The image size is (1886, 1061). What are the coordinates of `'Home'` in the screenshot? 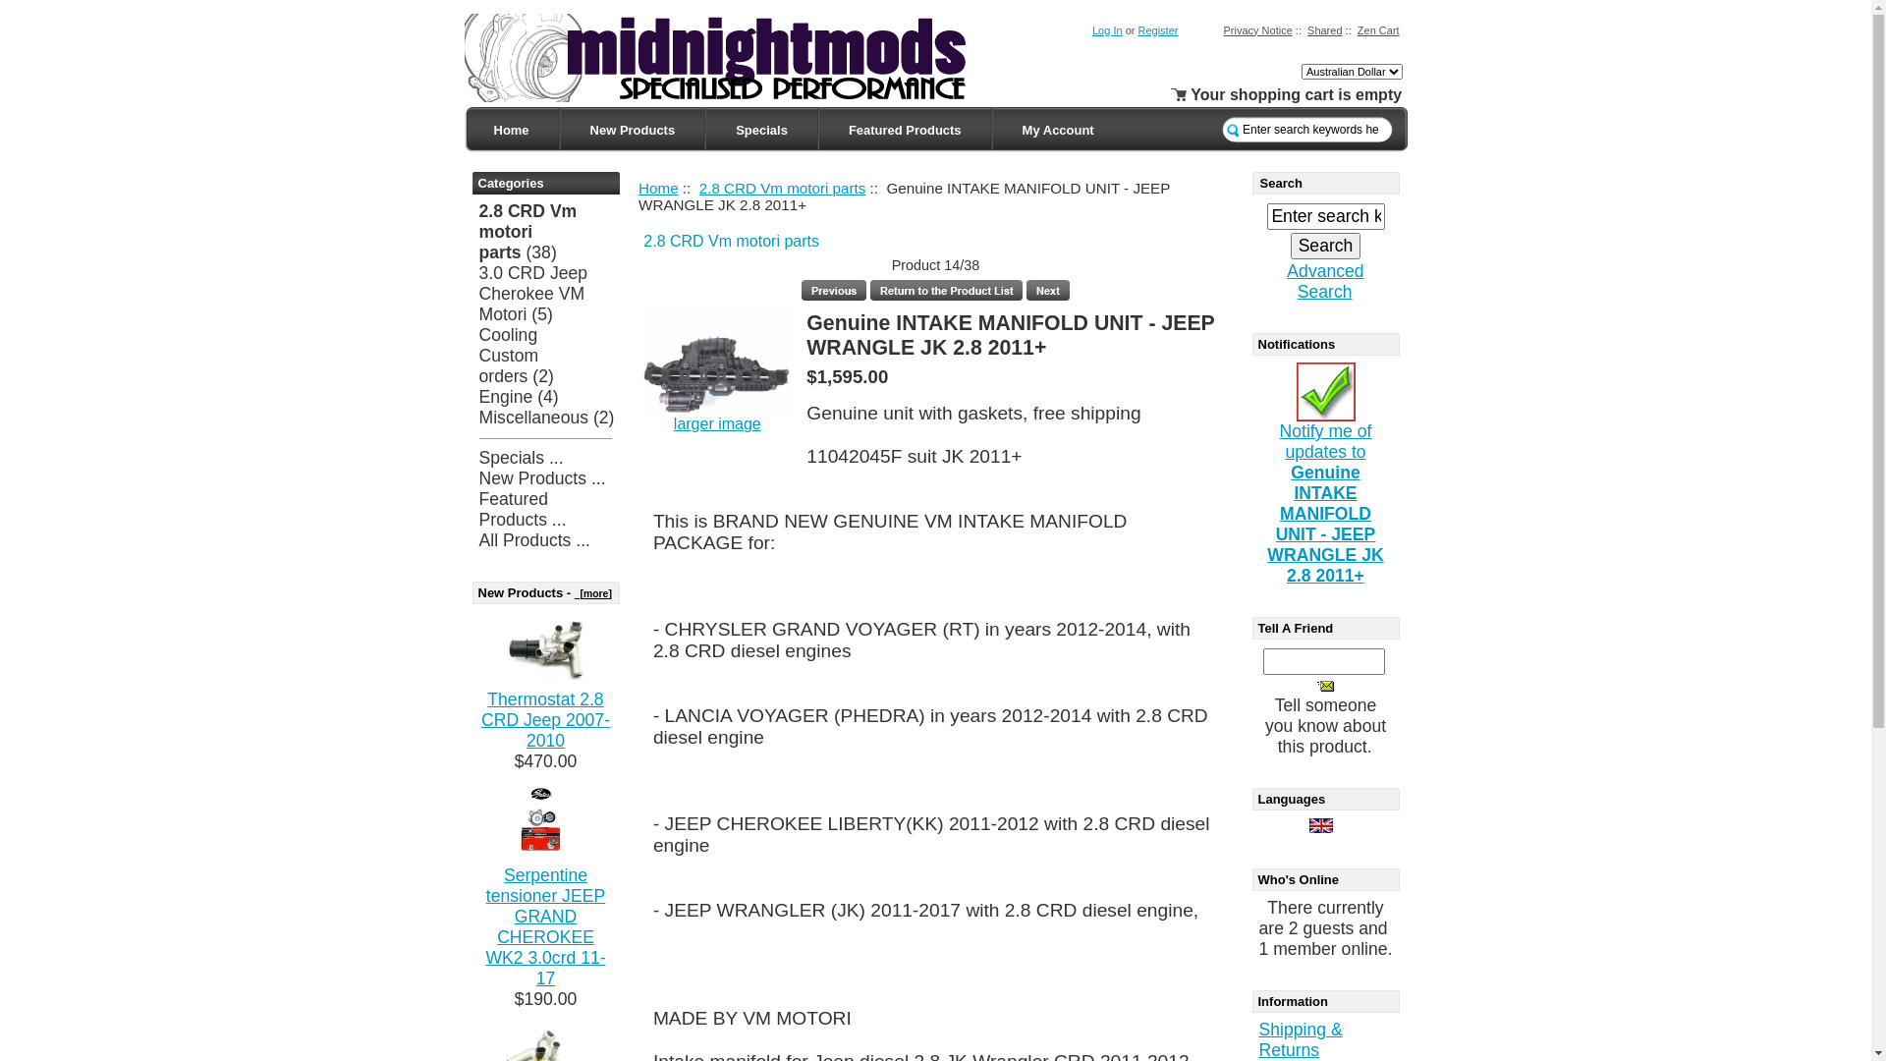 It's located at (510, 130).